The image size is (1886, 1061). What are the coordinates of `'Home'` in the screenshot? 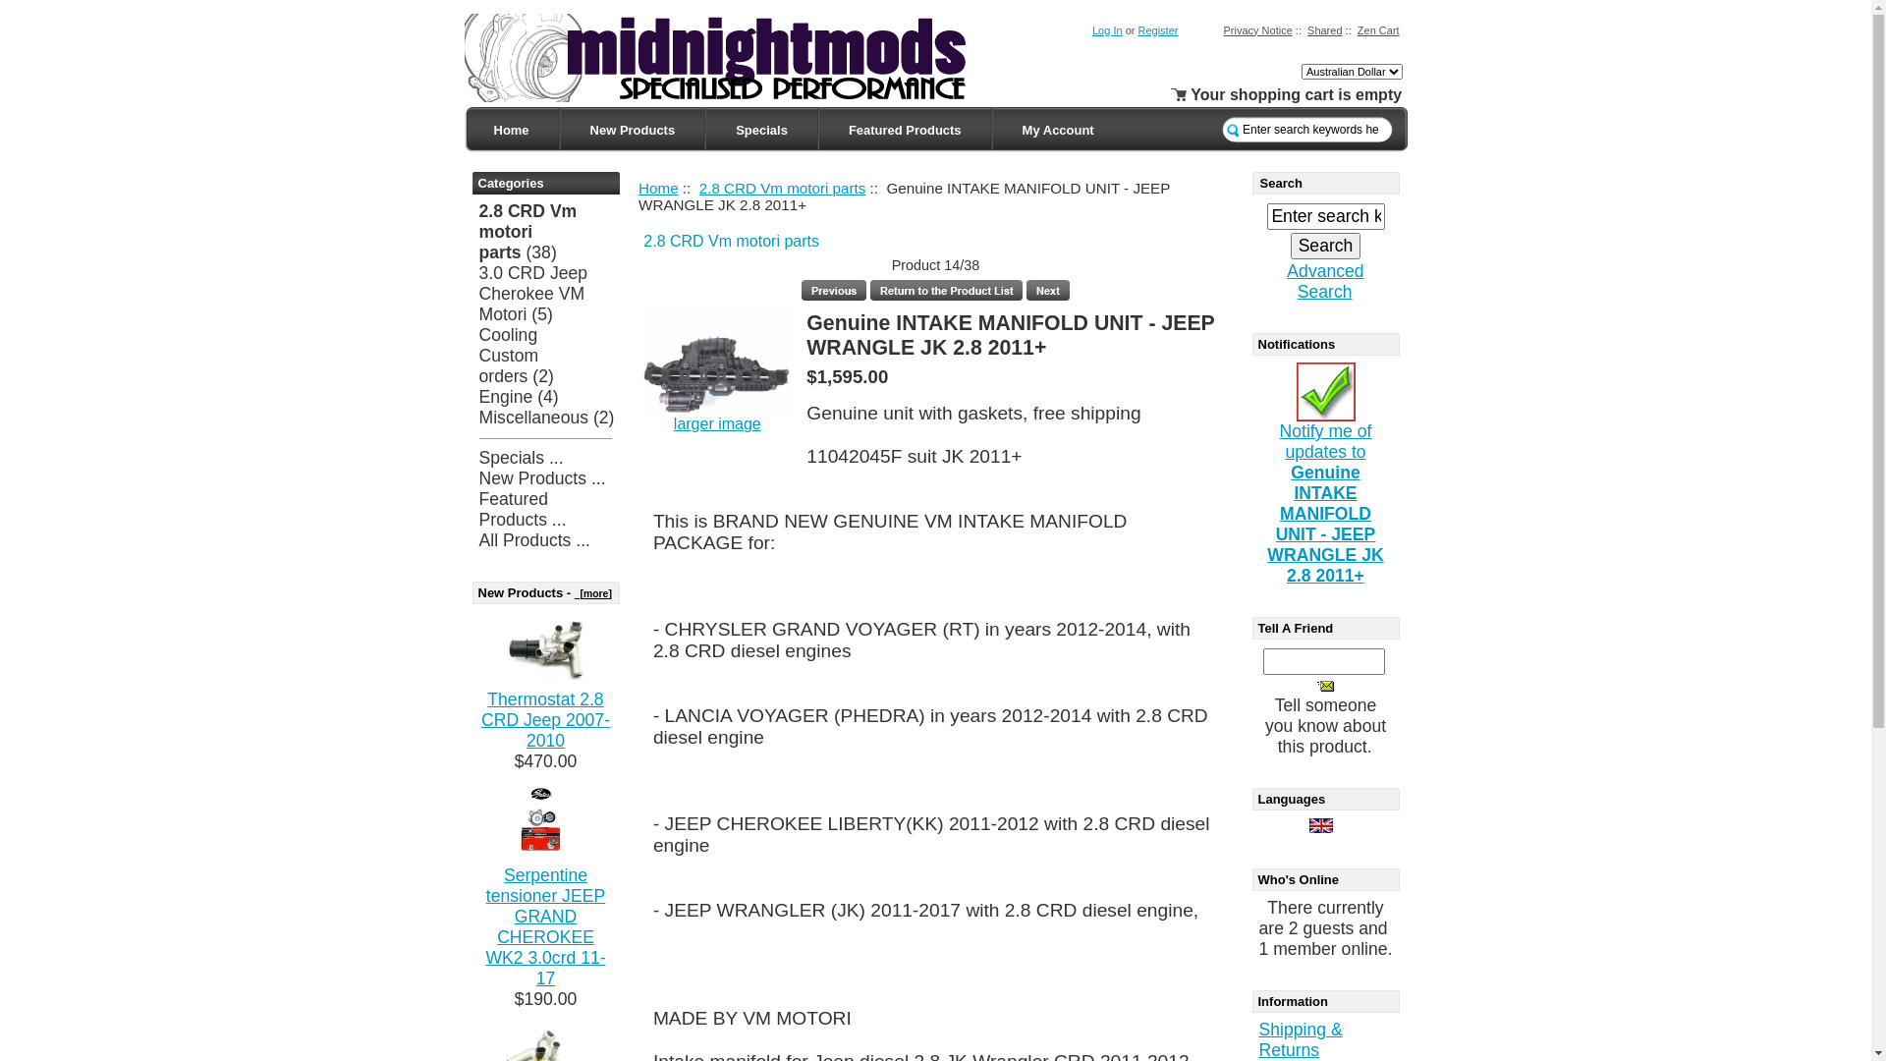 It's located at (510, 130).